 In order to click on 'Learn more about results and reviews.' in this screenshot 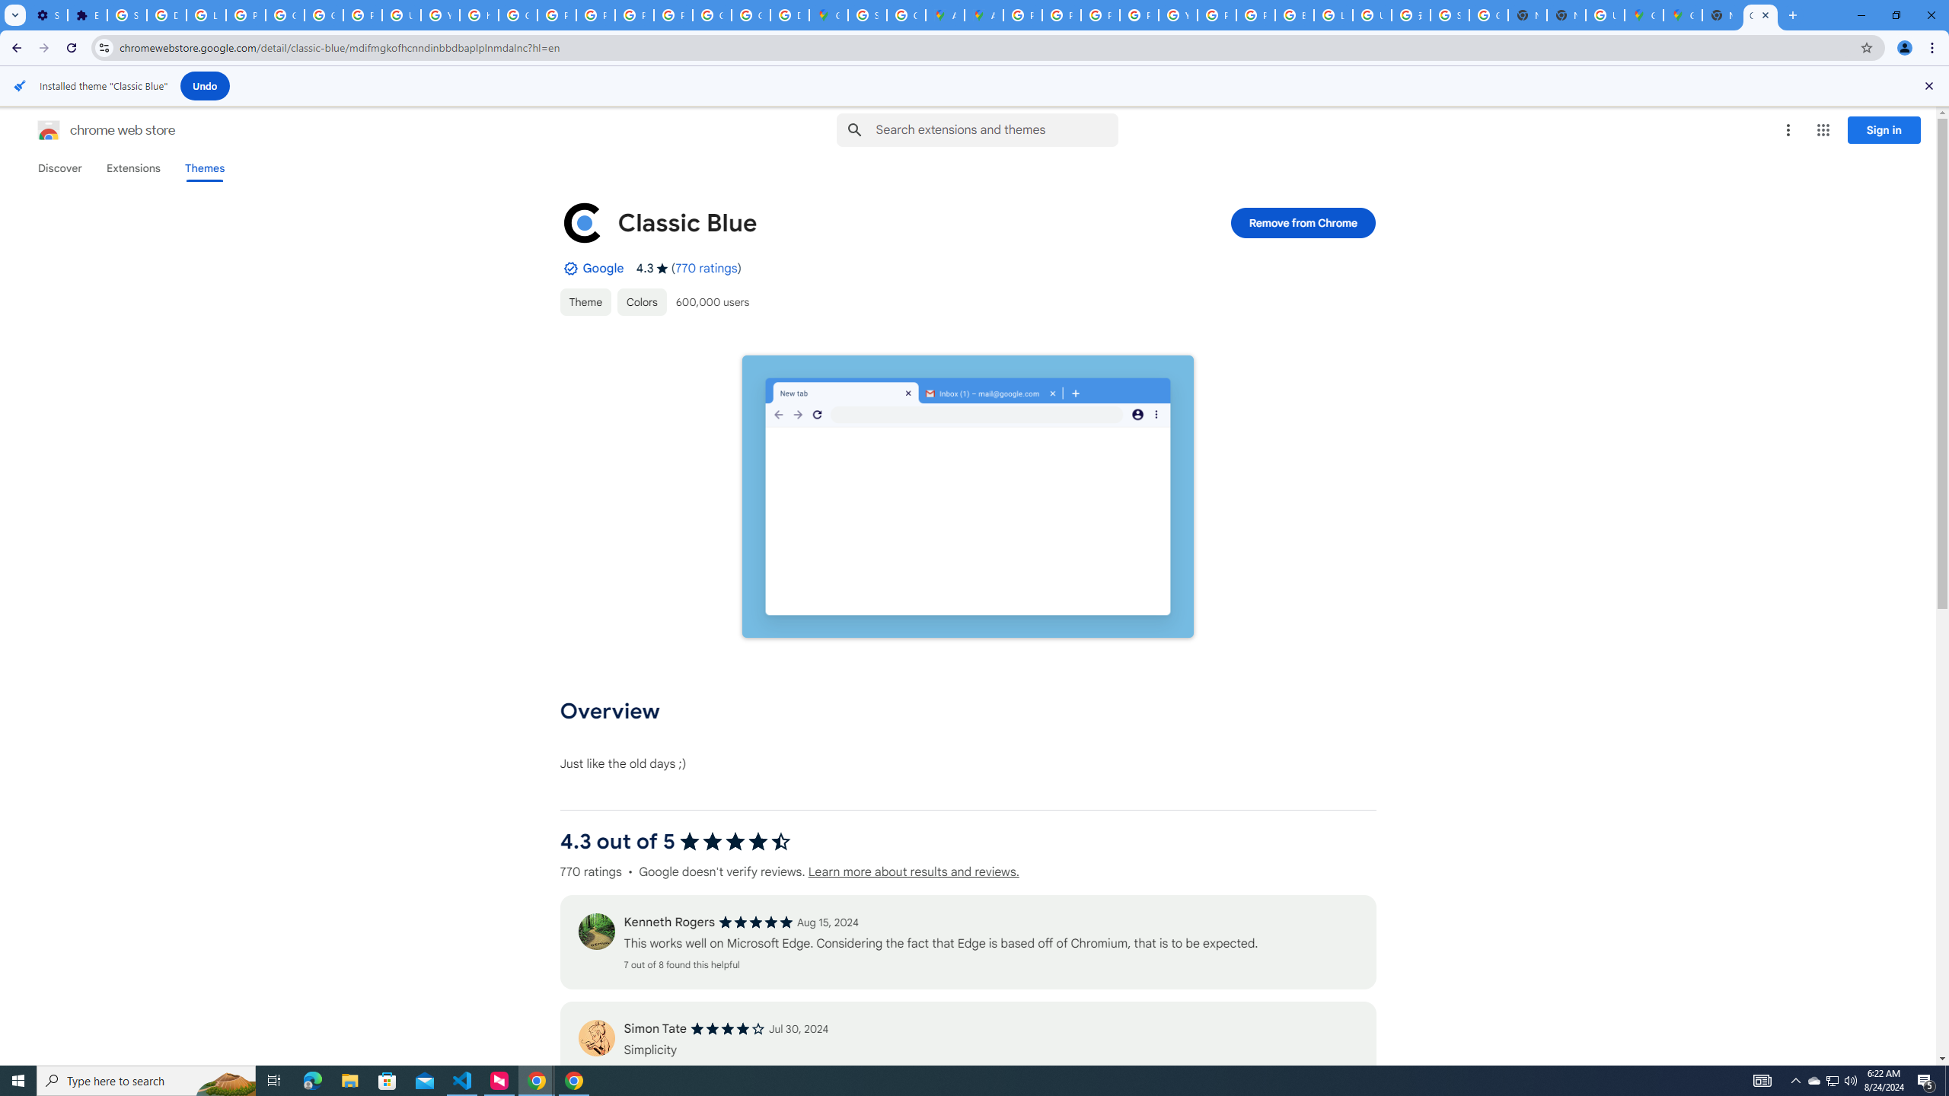, I will do `click(912, 871)`.